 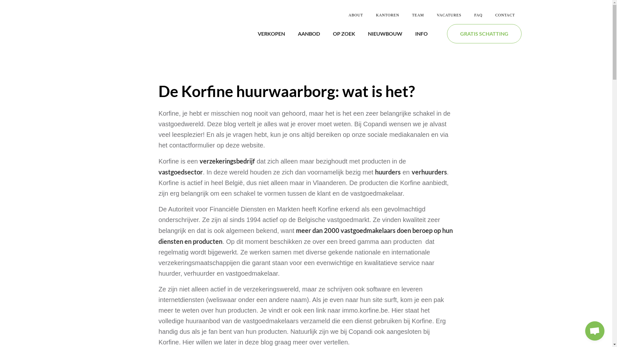 I want to click on 'OP ZOEK', so click(x=333, y=33).